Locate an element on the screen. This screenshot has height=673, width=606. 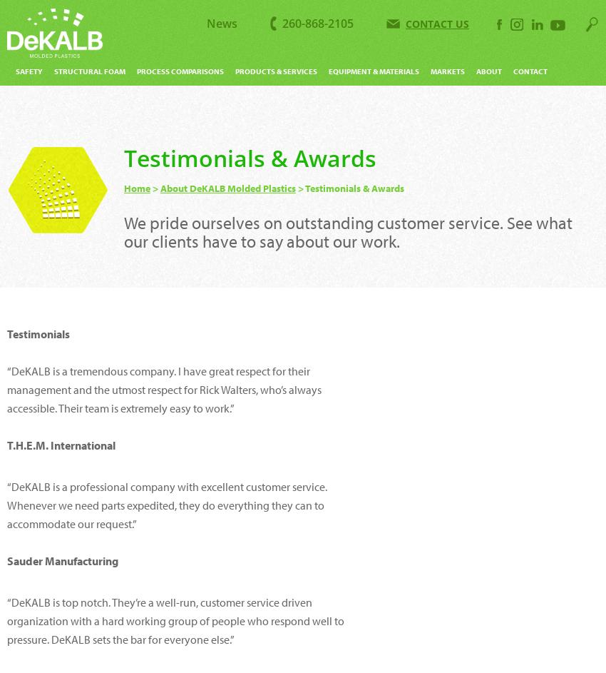
'260-868-2105' is located at coordinates (282, 24).